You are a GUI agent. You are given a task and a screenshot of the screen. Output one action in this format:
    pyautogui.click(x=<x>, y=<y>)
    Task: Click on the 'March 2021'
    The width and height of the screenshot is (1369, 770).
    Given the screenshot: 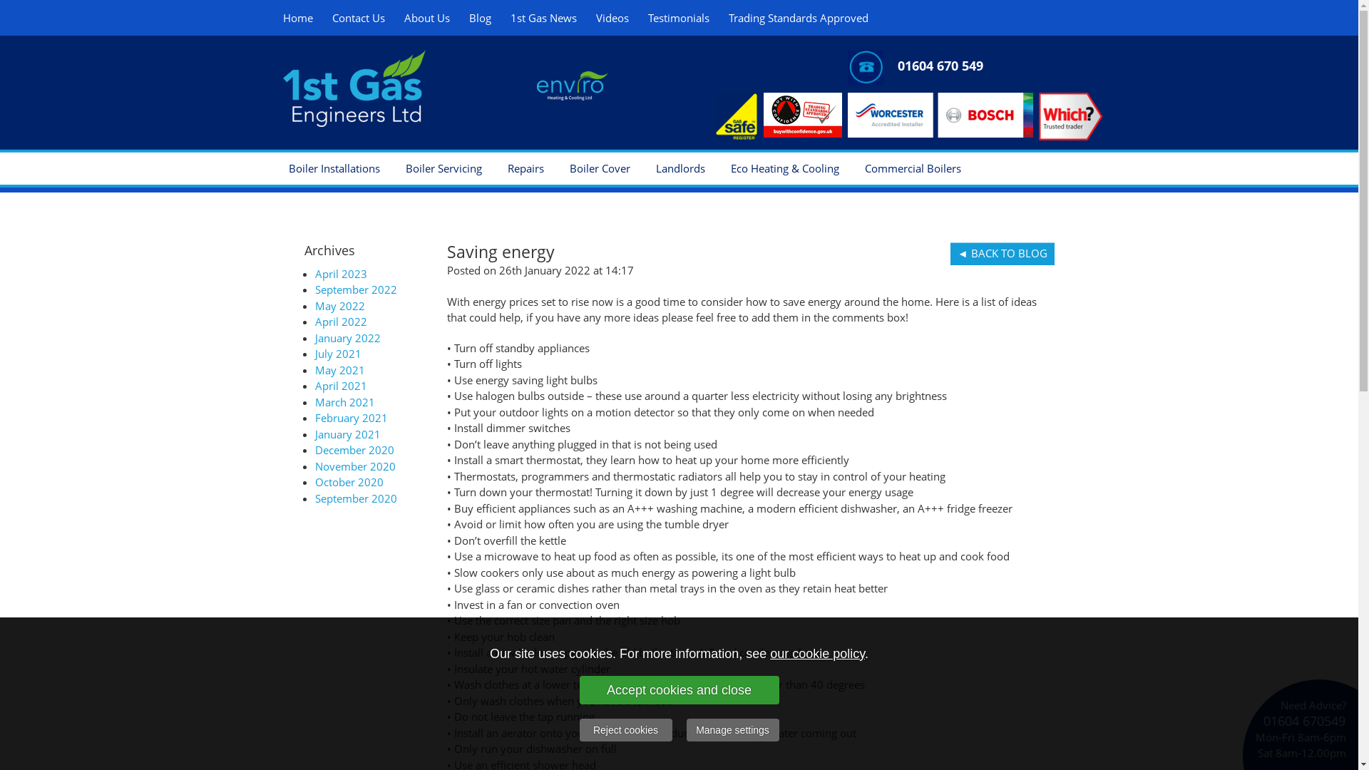 What is the action you would take?
    pyautogui.click(x=345, y=401)
    